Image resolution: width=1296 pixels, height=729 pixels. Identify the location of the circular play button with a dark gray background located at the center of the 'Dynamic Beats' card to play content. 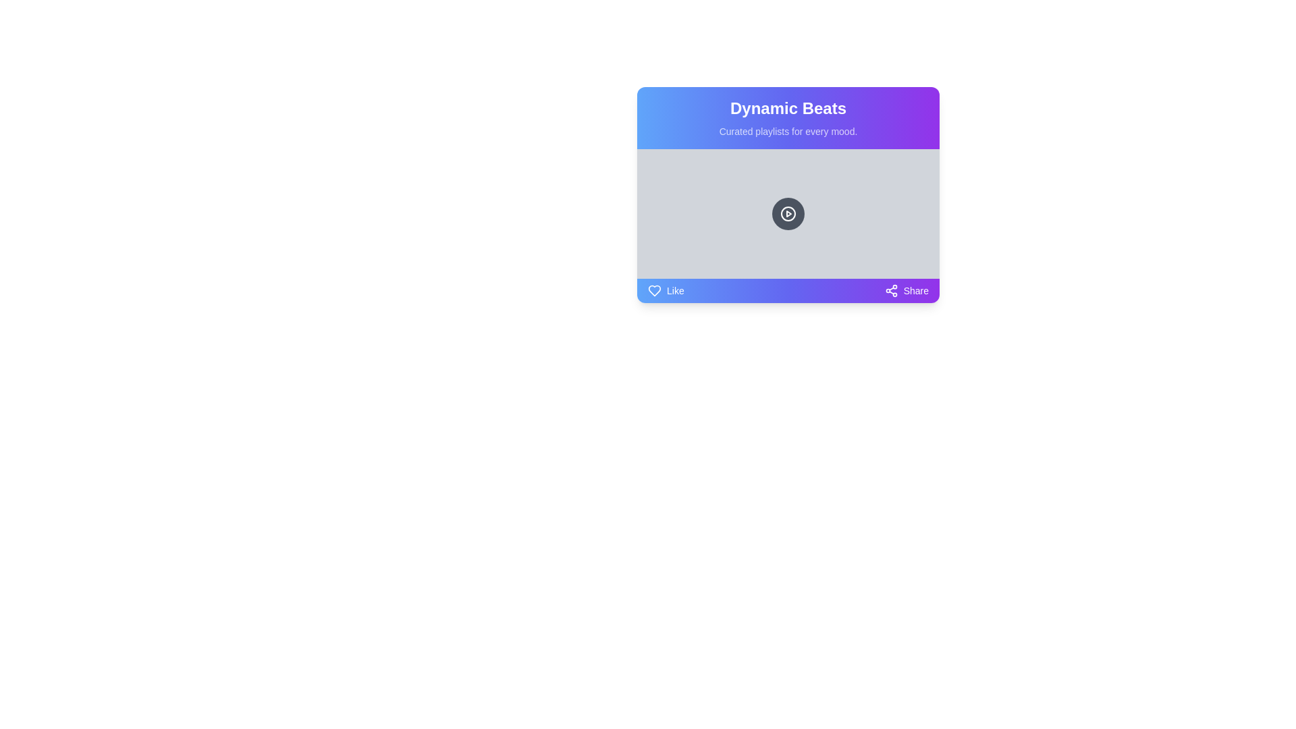
(788, 213).